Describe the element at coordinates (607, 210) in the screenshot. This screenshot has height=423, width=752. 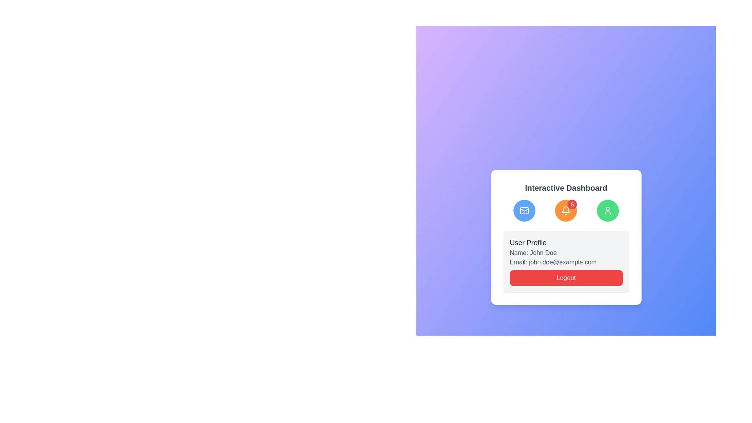
I see `the user icon within the green circular button labeled 'Toggle Profile'` at that location.